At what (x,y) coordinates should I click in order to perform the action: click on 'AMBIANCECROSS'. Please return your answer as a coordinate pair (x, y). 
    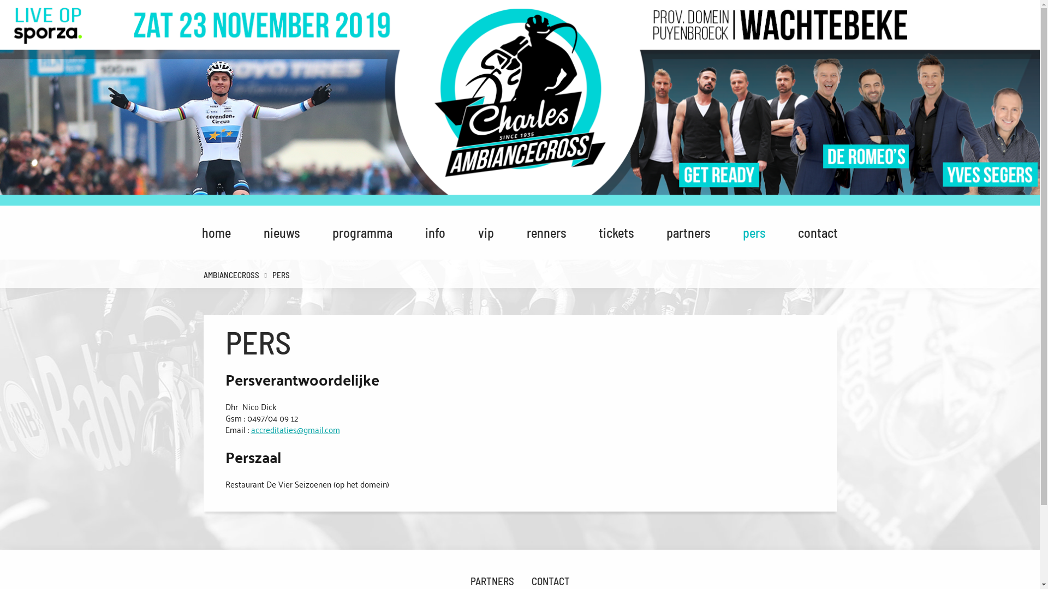
    Looking at the image, I should click on (197, 274).